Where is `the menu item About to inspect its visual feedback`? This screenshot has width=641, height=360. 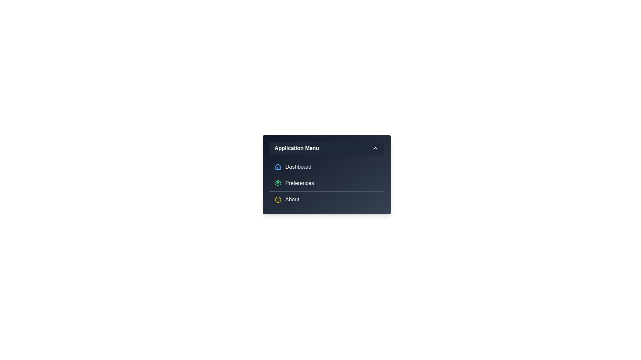
the menu item About to inspect its visual feedback is located at coordinates (327, 199).